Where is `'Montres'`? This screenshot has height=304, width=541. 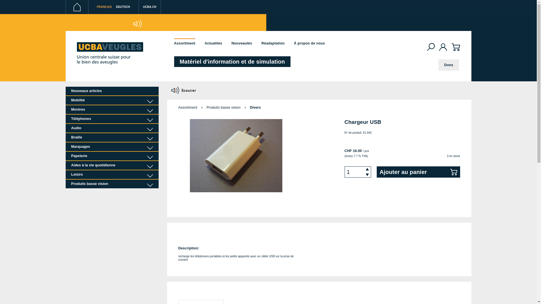 'Montres' is located at coordinates (112, 109).